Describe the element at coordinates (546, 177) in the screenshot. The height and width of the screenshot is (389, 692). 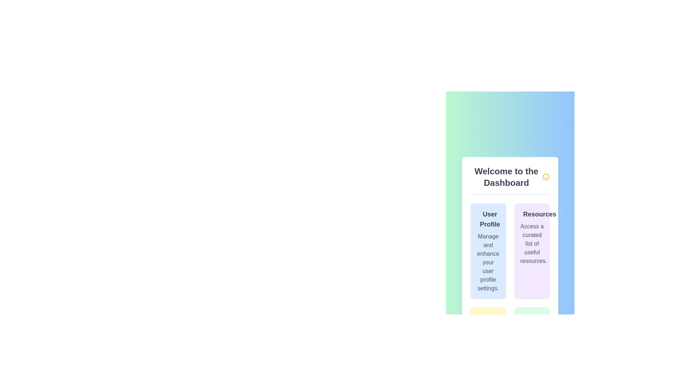
I see `the decorative smiley face icon located to the right of the 'Welcome to the Dashboard' heading` at that location.